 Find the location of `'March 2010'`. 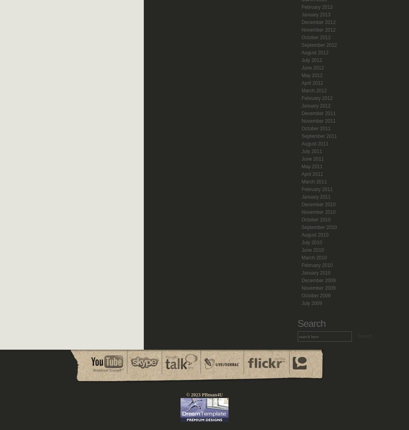

'March 2010' is located at coordinates (301, 257).